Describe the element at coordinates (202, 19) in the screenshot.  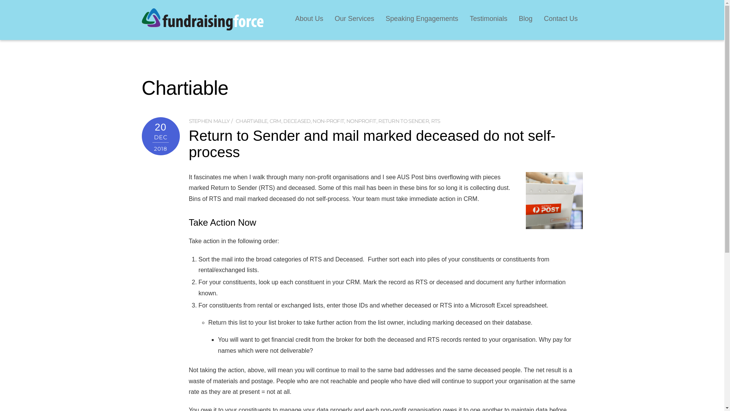
I see `'FundraisingForce'` at that location.